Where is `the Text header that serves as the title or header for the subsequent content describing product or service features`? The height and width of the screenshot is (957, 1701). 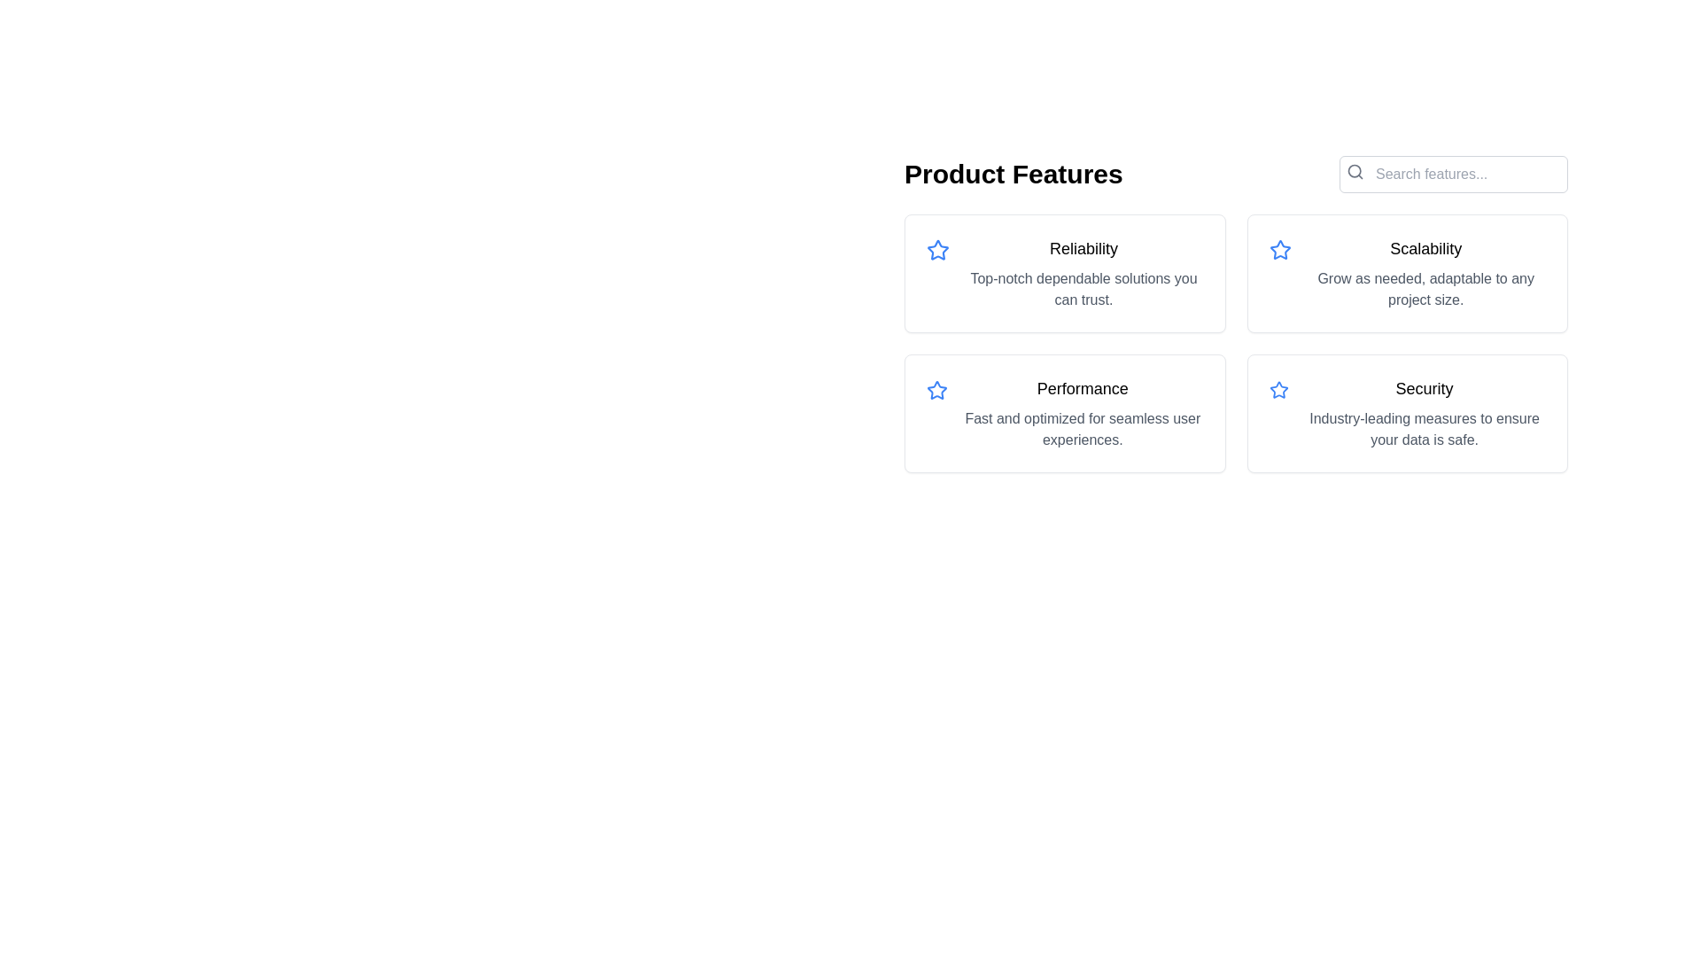 the Text header that serves as the title or header for the subsequent content describing product or service features is located at coordinates (1014, 174).